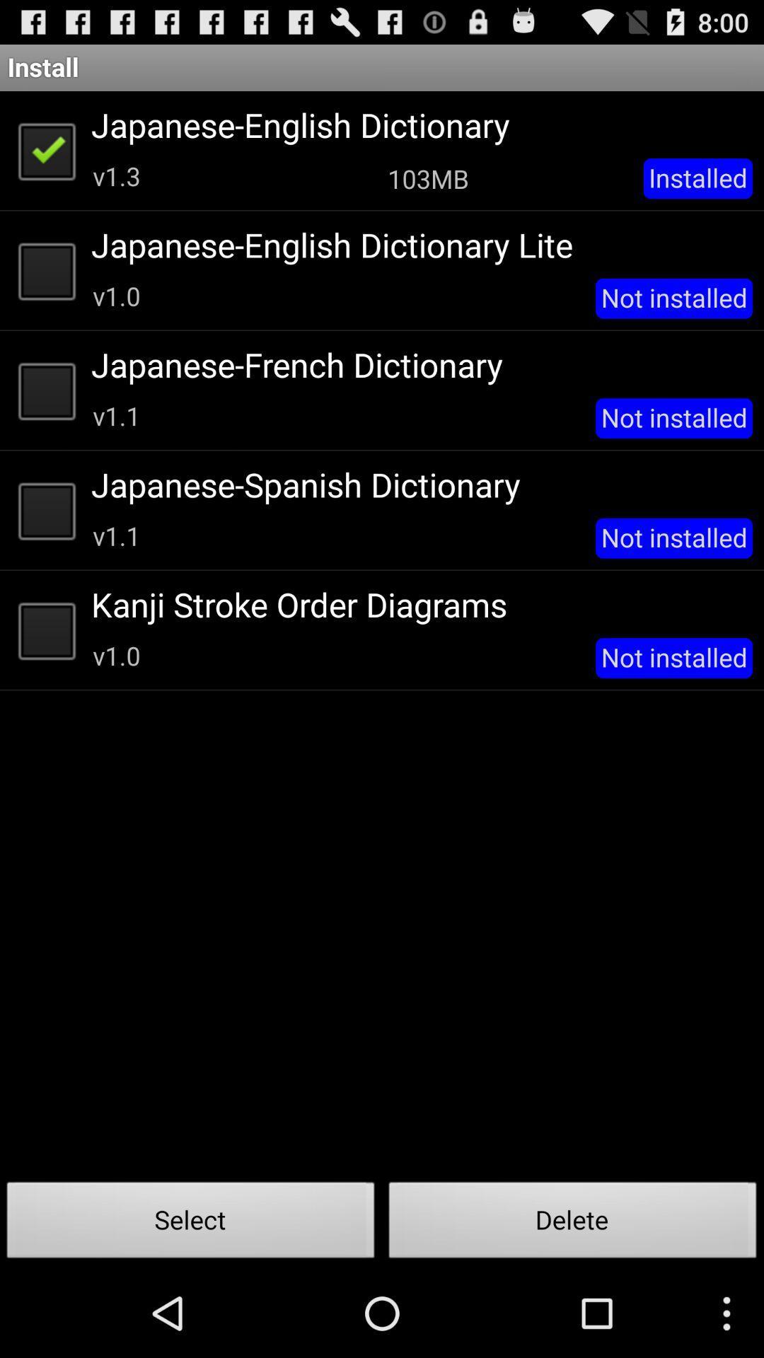 The width and height of the screenshot is (764, 1358). Describe the element at coordinates (191, 1224) in the screenshot. I see `the icon to the left of delete` at that location.